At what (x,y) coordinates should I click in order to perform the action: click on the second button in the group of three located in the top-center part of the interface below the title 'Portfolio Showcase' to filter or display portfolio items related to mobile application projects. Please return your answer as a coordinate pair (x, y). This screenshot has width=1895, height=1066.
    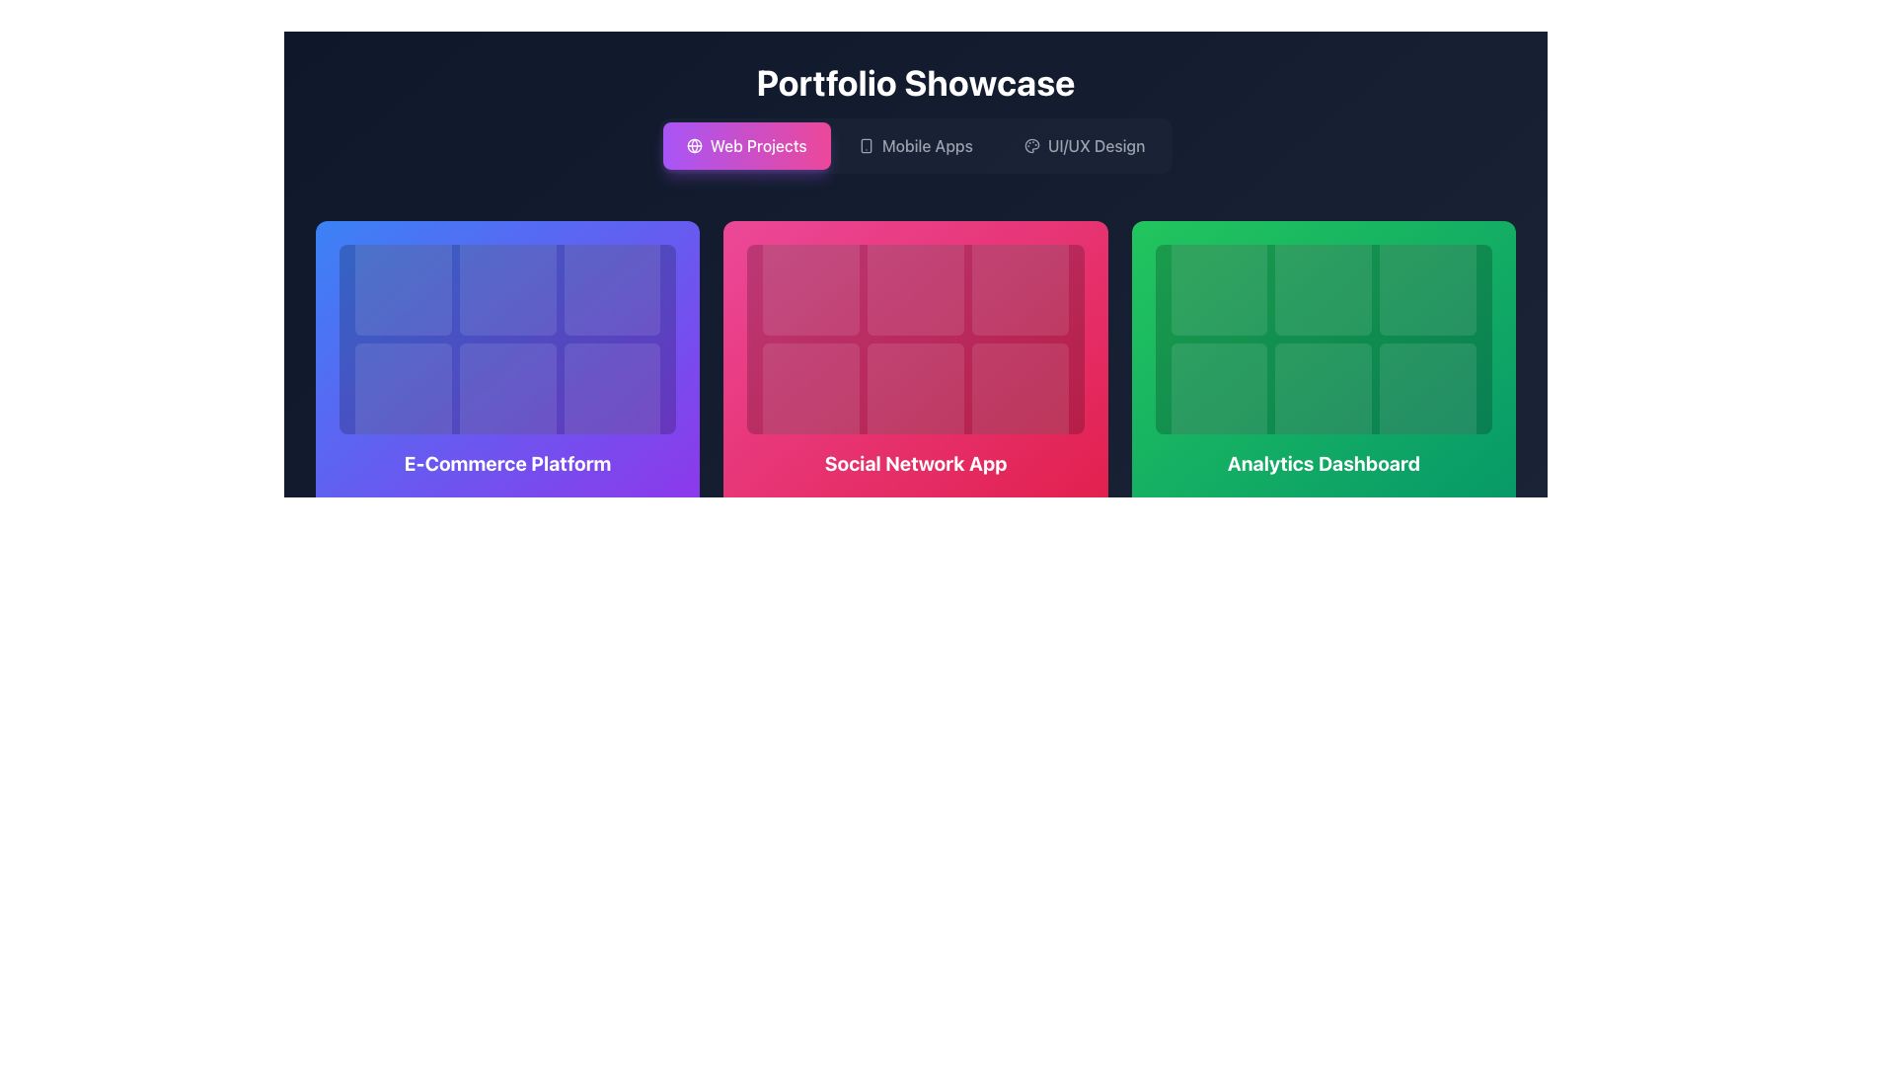
    Looking at the image, I should click on (914, 144).